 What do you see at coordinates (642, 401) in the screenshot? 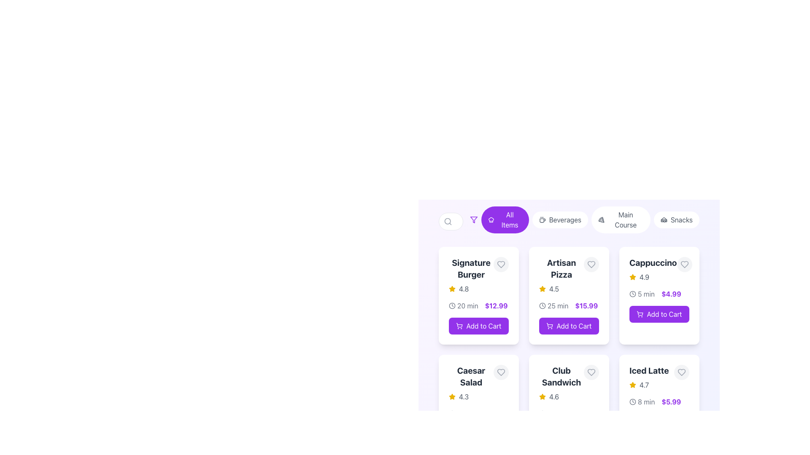
I see `text '8 min' displayed in the text label with an icon for the 'Iced Latte' item, located at the bottom-right of the menu grid, next to the price label '$5.99'` at bounding box center [642, 401].